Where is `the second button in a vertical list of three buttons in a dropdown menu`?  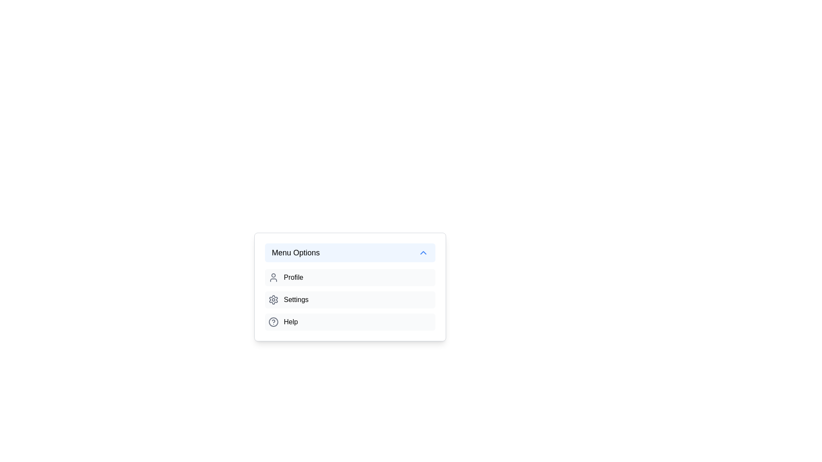 the second button in a vertical list of three buttons in a dropdown menu is located at coordinates (350, 308).